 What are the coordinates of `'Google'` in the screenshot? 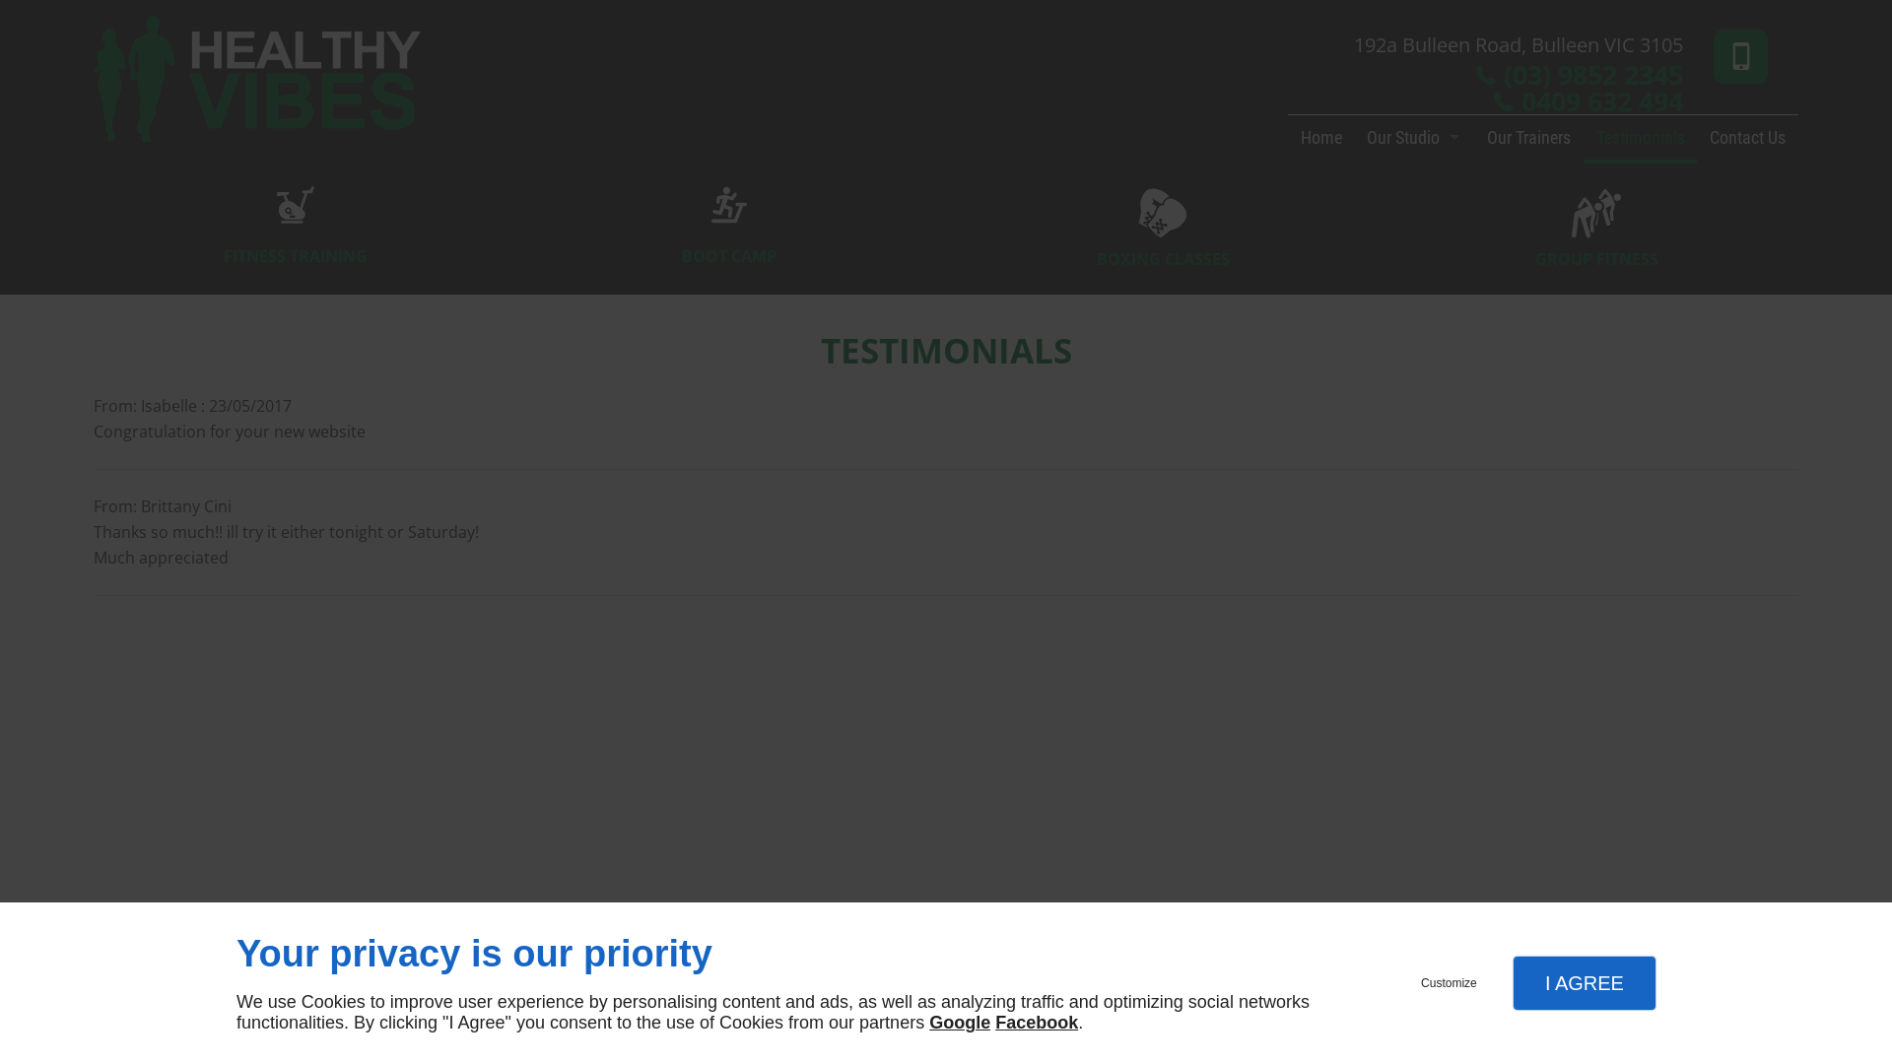 It's located at (960, 1021).